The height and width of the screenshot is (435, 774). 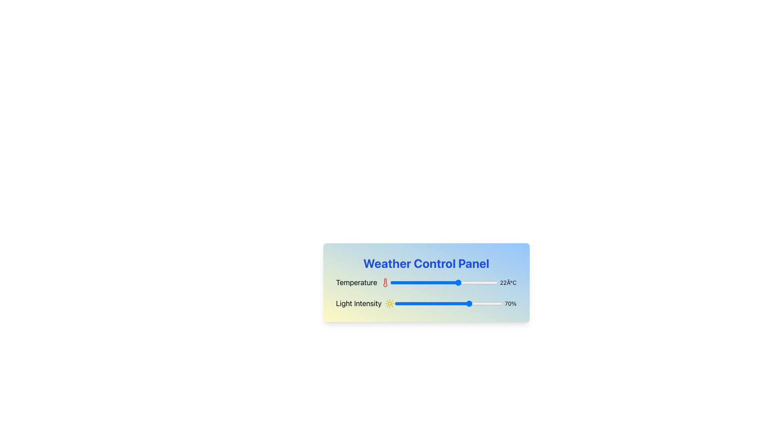 I want to click on the temperature slider, so click(x=464, y=282).